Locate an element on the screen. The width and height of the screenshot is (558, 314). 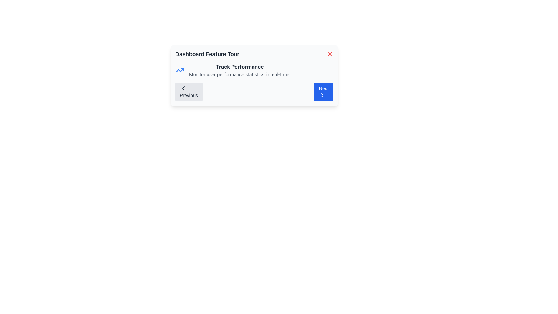
the chevron icon pointing to the right, which is centrally located within the blue 'Next' button in the navigation panel is located at coordinates (322, 95).